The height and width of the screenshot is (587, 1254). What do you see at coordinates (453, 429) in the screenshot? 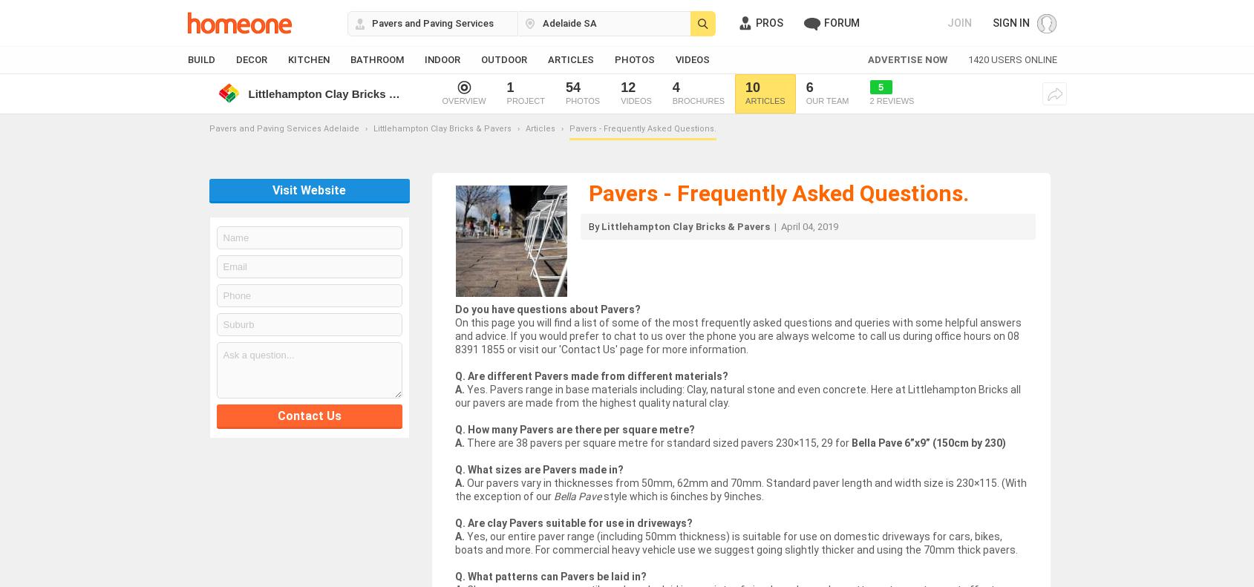
I see `'Q. How many Pavers are there per square metre?'` at bounding box center [453, 429].